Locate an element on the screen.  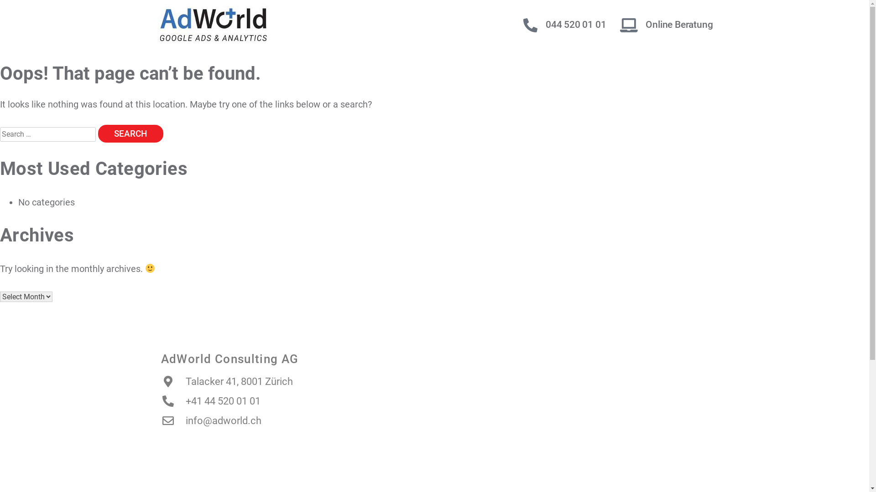
'info@adworld.ch' is located at coordinates (210, 420).